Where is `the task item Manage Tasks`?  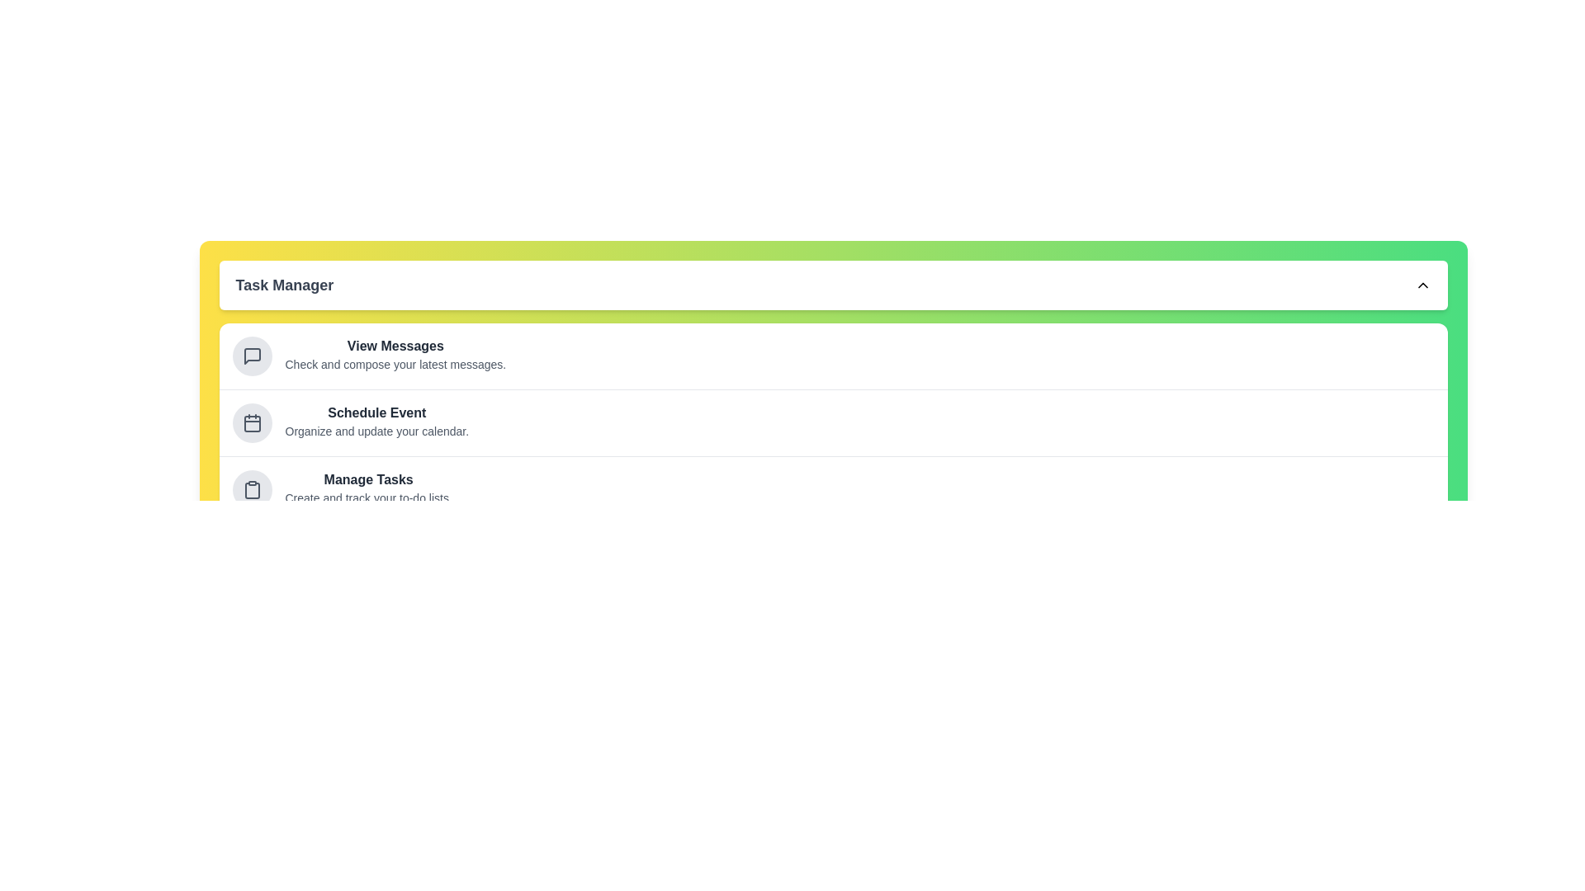 the task item Manage Tasks is located at coordinates (251, 489).